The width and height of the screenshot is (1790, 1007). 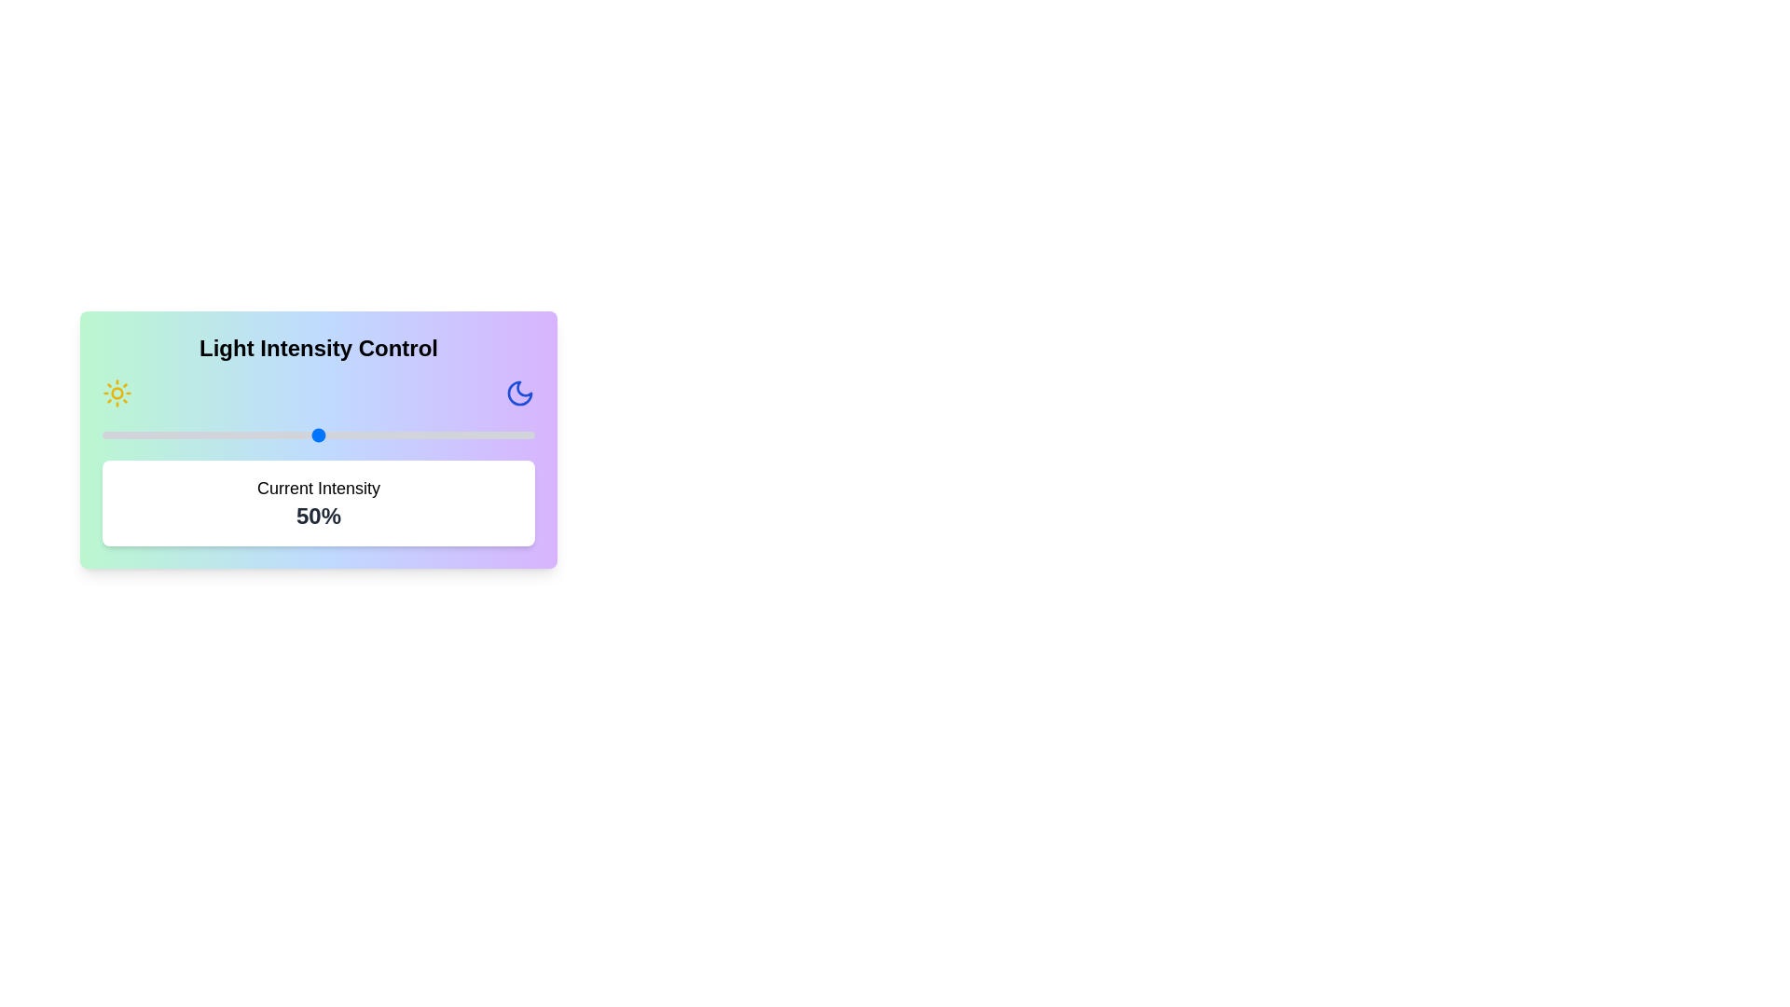 What do you see at coordinates (374, 435) in the screenshot?
I see `the light intensity` at bounding box center [374, 435].